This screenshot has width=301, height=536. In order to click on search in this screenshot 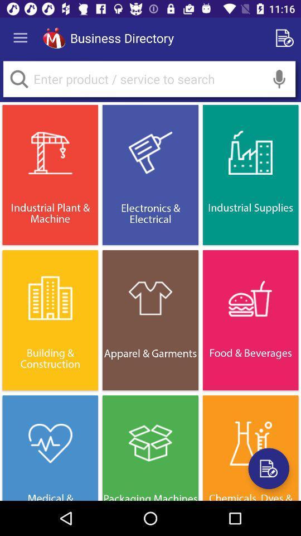, I will do `click(149, 78)`.